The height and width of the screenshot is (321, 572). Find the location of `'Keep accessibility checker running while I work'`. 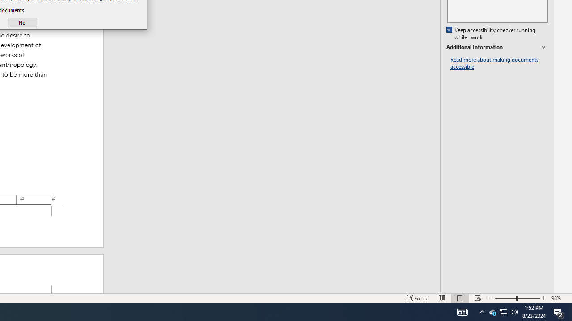

'Keep accessibility checker running while I work' is located at coordinates (491, 33).